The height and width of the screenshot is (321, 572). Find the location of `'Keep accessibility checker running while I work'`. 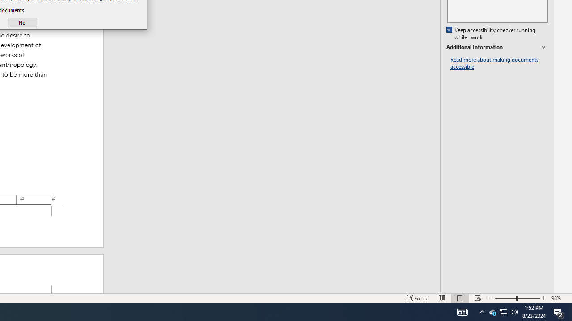

'Keep accessibility checker running while I work' is located at coordinates (491, 33).